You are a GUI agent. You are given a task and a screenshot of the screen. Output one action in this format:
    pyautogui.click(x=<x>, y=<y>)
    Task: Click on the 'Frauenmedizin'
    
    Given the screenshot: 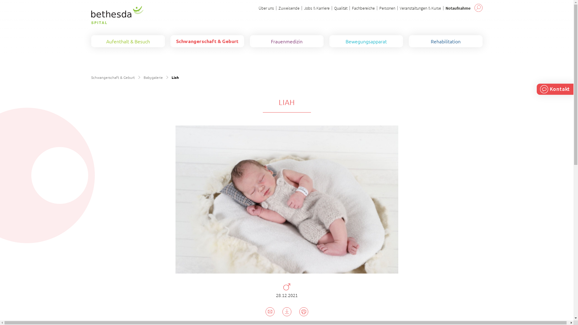 What is the action you would take?
    pyautogui.click(x=286, y=41)
    